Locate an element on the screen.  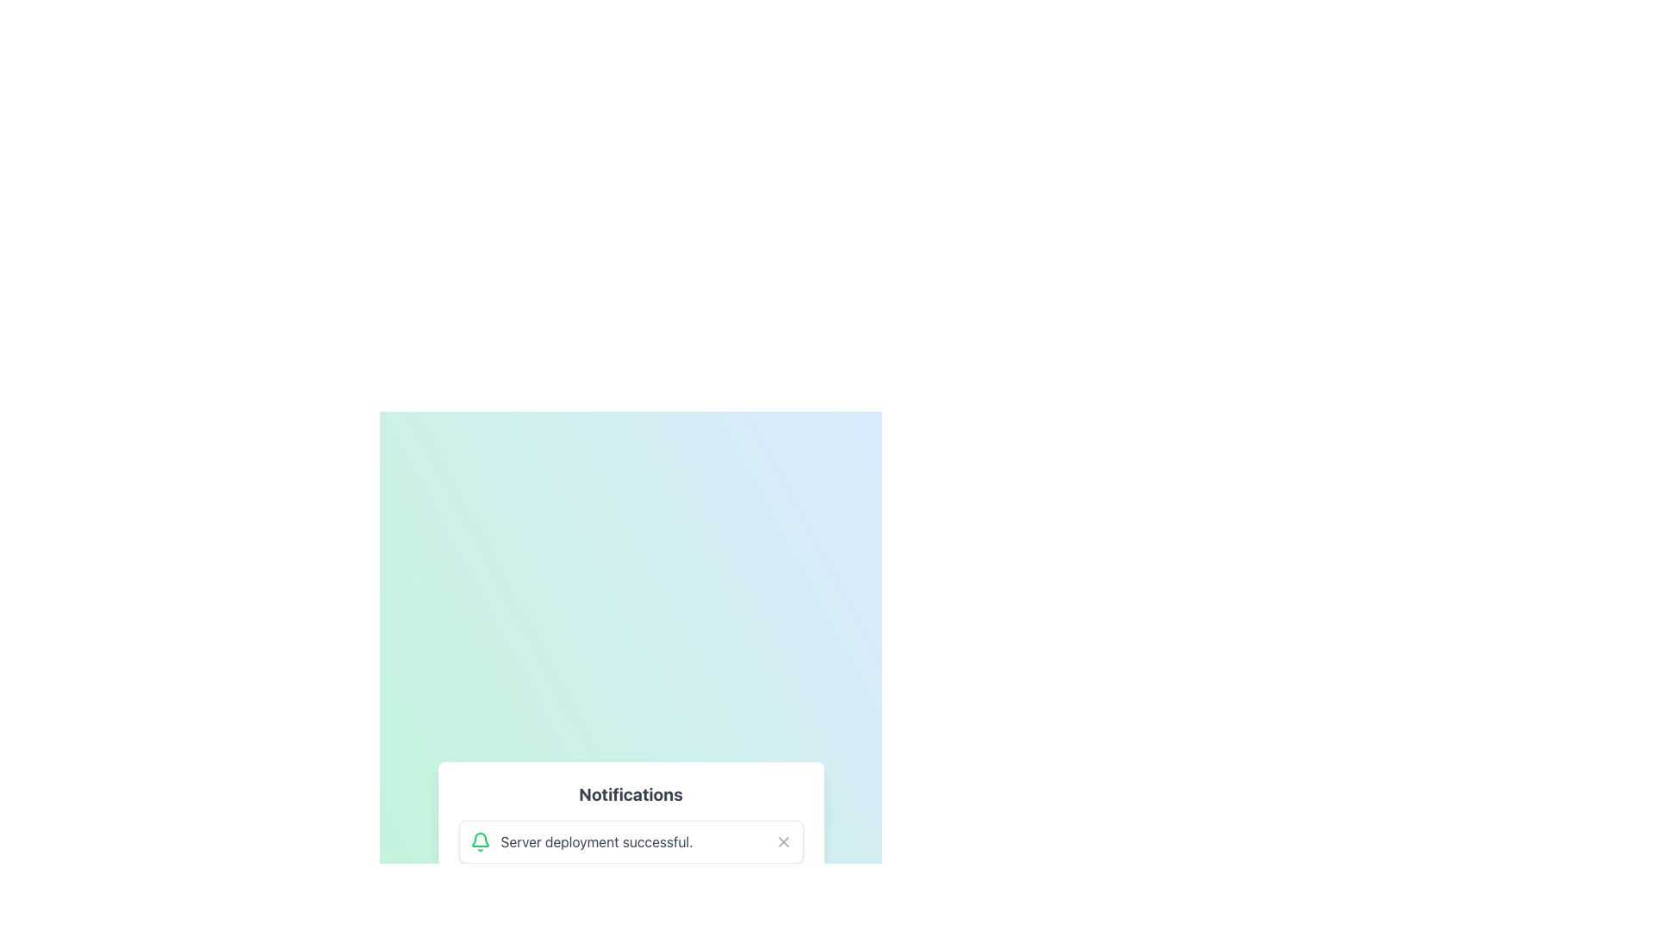
the notification message about the success of the server deployment, which is located at the bottom center of the interface with a bell icon preceding the text is located at coordinates (581, 841).